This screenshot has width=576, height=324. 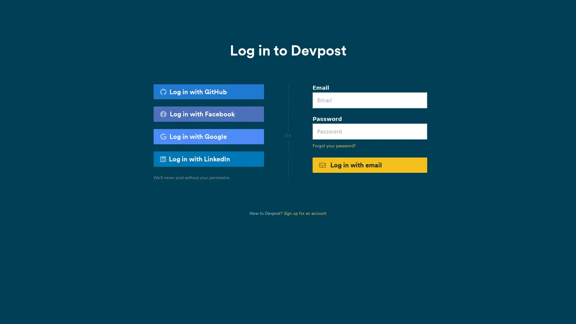 I want to click on Log in with email, so click(x=370, y=165).